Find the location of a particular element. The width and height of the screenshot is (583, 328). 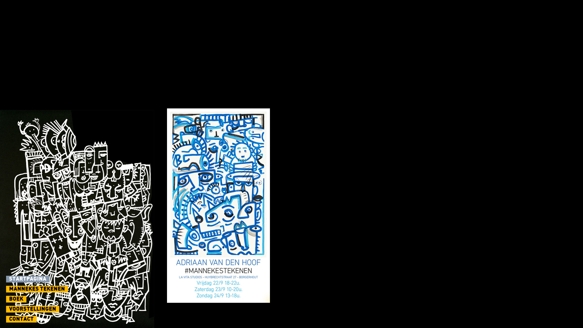

'MANNEKES TEKENEN' is located at coordinates (36, 289).